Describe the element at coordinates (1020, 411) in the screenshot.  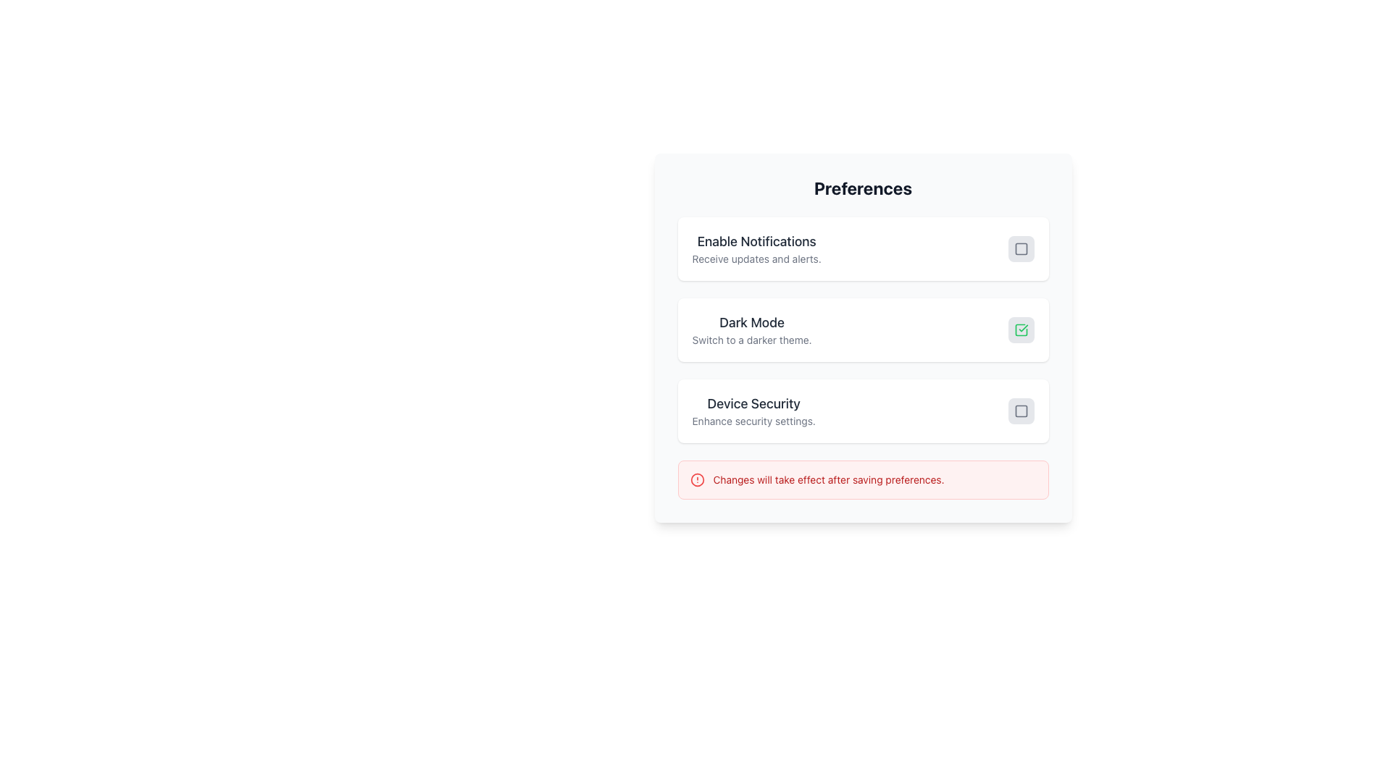
I see `the checkbox for the 'Device Security' setting` at that location.